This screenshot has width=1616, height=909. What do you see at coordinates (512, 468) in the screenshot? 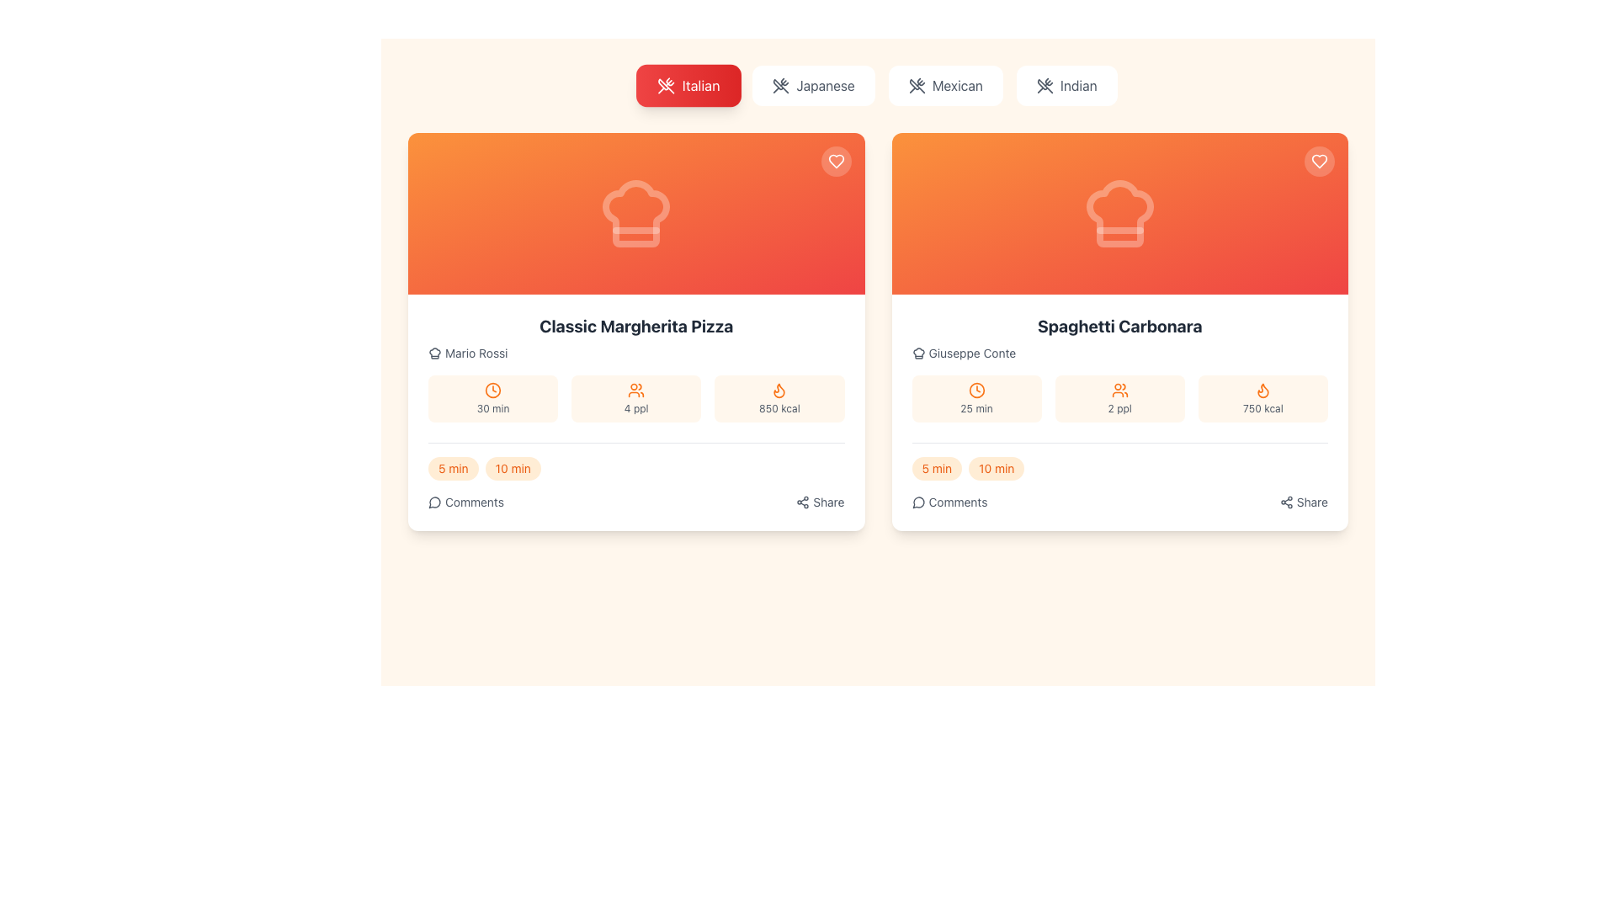
I see `the filter button next to the '5 min' badge at the bottom left corner of the 'Classic Margherita Pizza' card` at bounding box center [512, 468].